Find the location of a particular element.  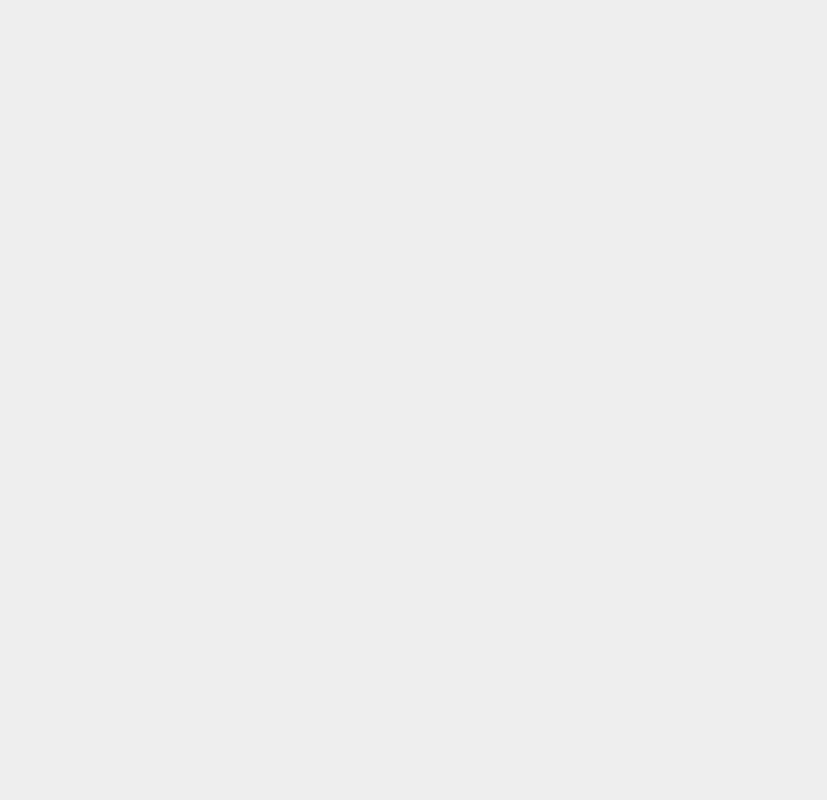

'SSD' is located at coordinates (594, 92).